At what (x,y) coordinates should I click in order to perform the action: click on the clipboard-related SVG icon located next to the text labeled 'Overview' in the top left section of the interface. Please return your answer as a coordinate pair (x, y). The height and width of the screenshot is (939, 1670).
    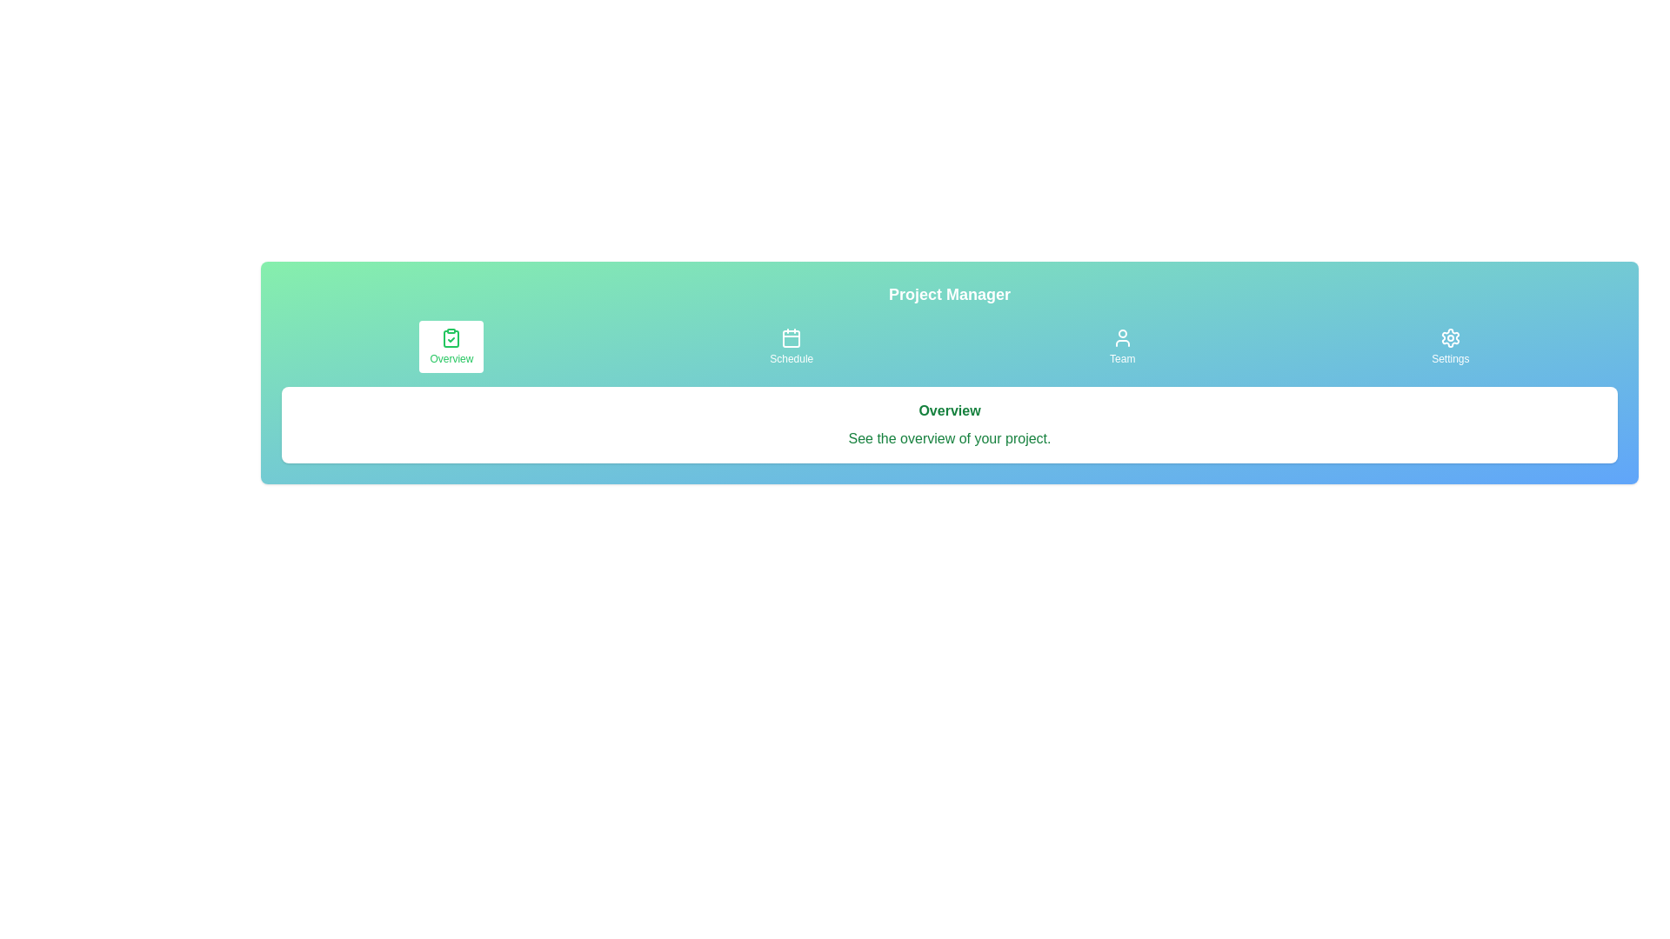
    Looking at the image, I should click on (451, 338).